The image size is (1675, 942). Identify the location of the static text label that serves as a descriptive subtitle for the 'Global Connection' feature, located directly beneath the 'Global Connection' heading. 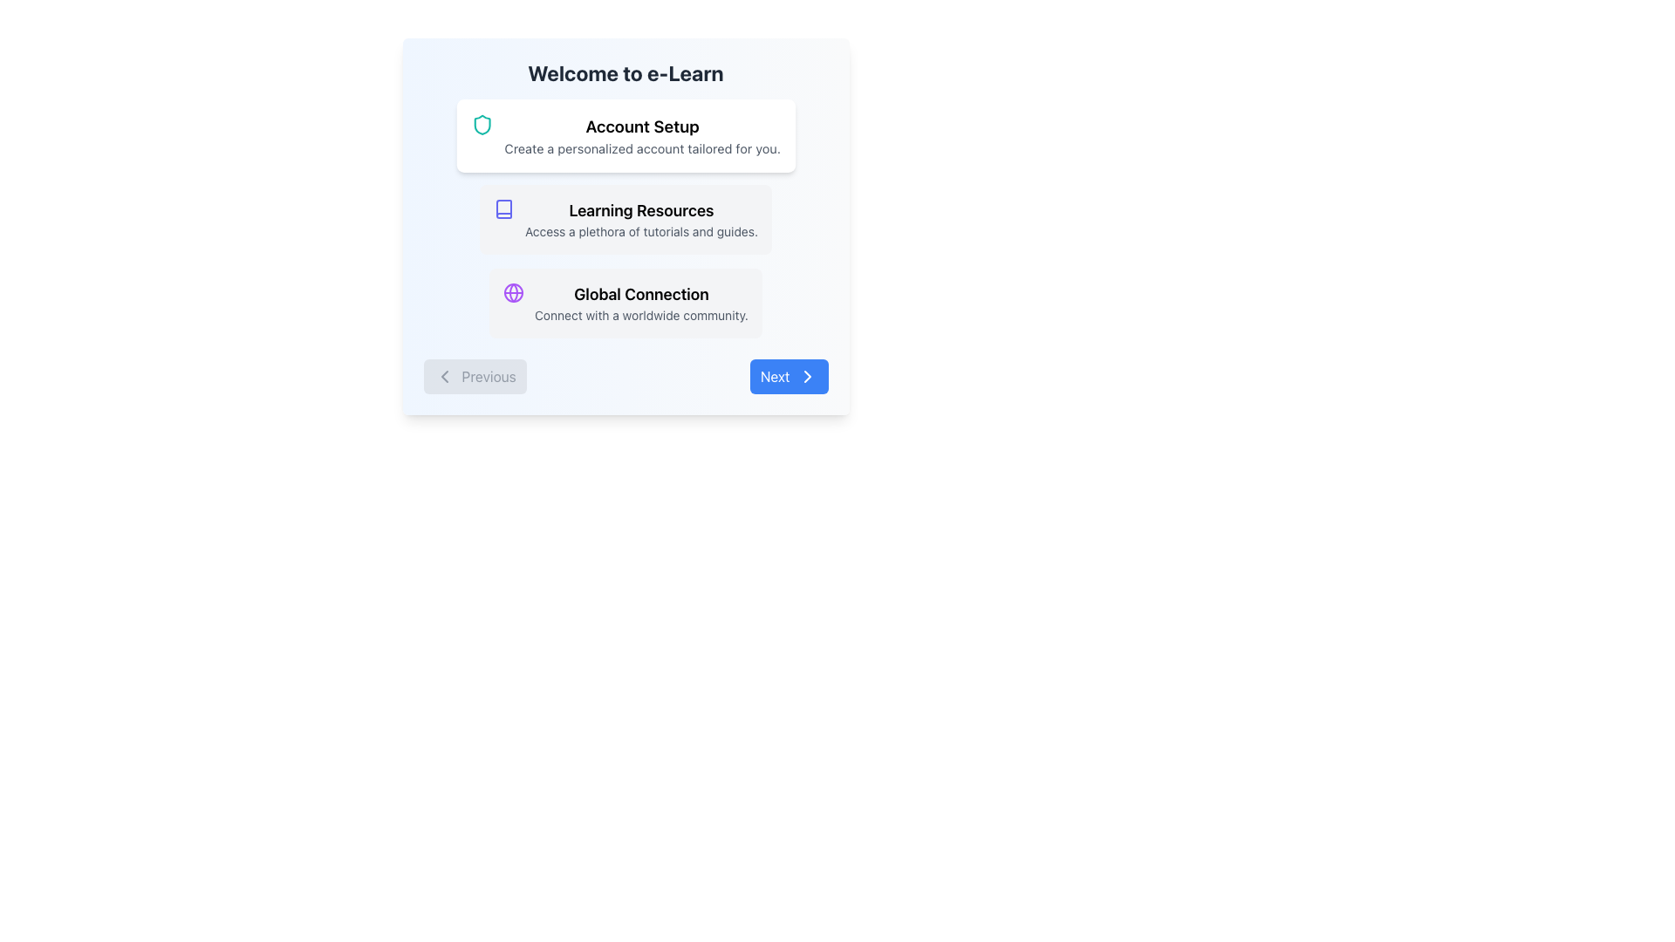
(640, 316).